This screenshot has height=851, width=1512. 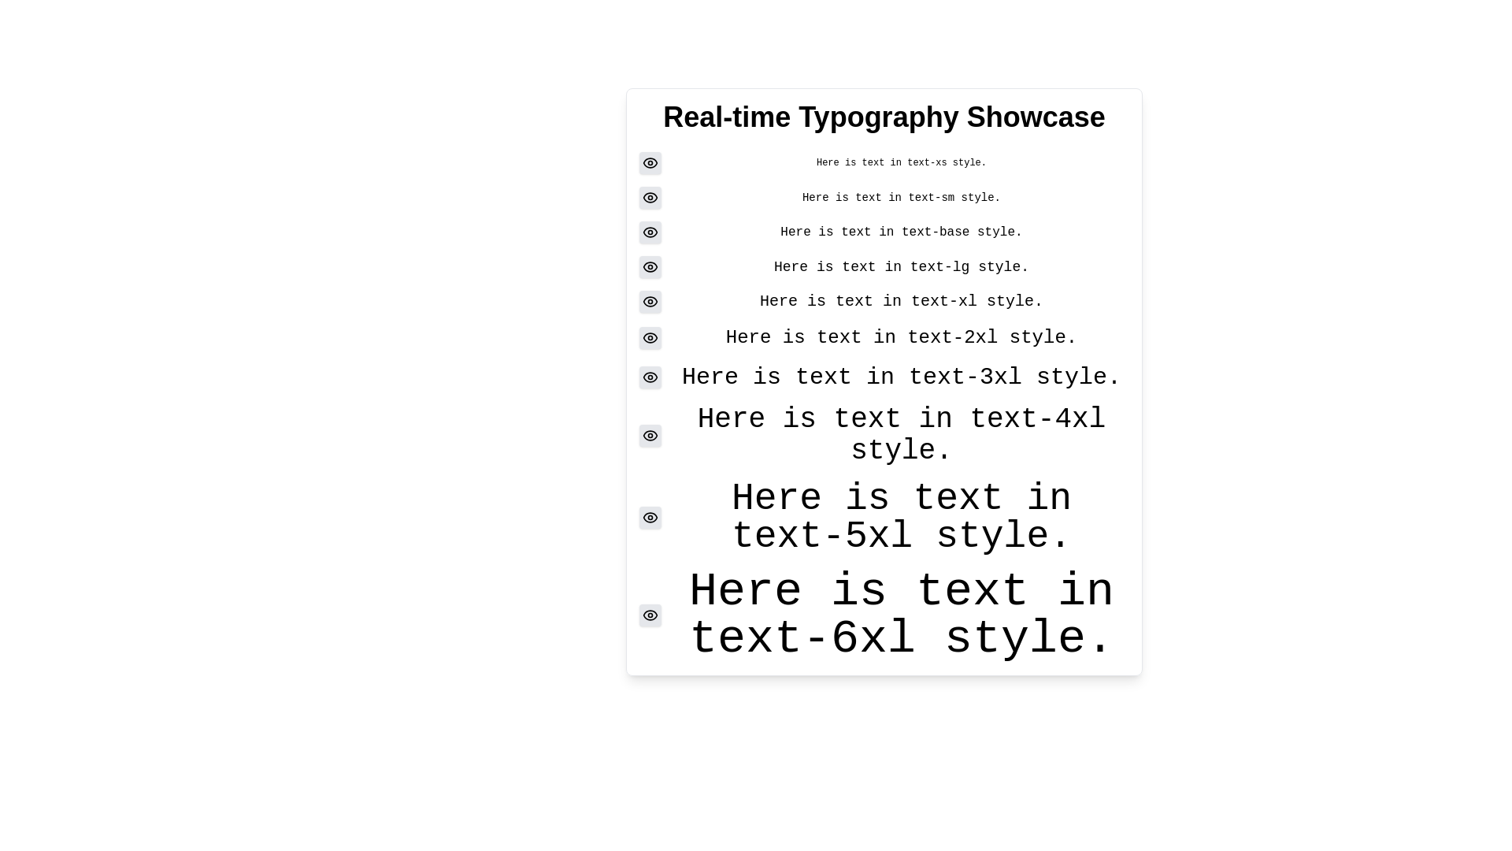 What do you see at coordinates (650, 517) in the screenshot?
I see `the circular eye-like icon outlined in a minimalistic design located in the middle section of the vertical list of icons with 'text-4xl' typography` at bounding box center [650, 517].